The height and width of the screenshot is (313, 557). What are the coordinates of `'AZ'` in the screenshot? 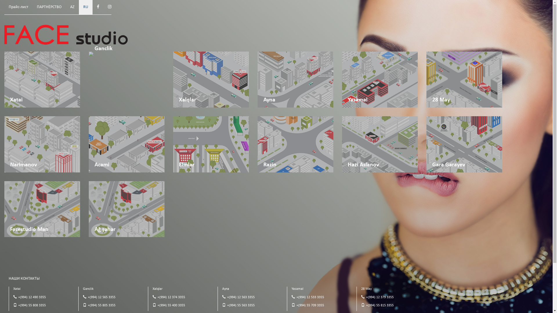 It's located at (72, 7).